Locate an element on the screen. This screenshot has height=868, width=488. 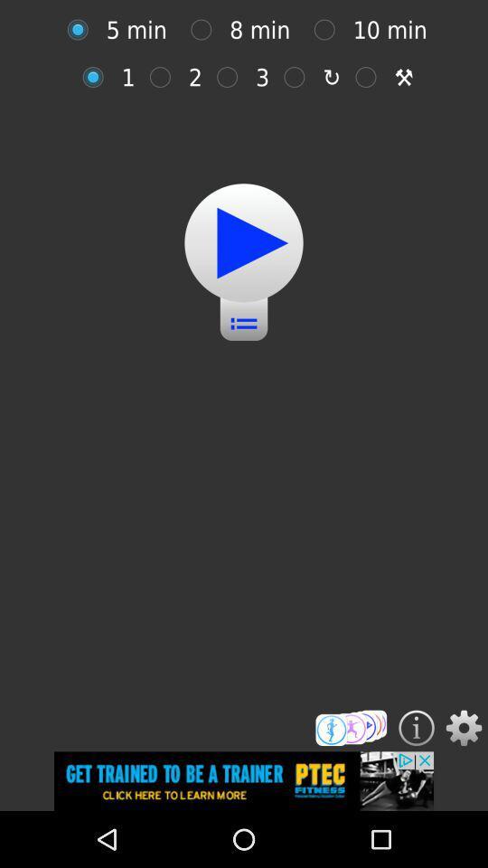
to option is located at coordinates (328, 29).